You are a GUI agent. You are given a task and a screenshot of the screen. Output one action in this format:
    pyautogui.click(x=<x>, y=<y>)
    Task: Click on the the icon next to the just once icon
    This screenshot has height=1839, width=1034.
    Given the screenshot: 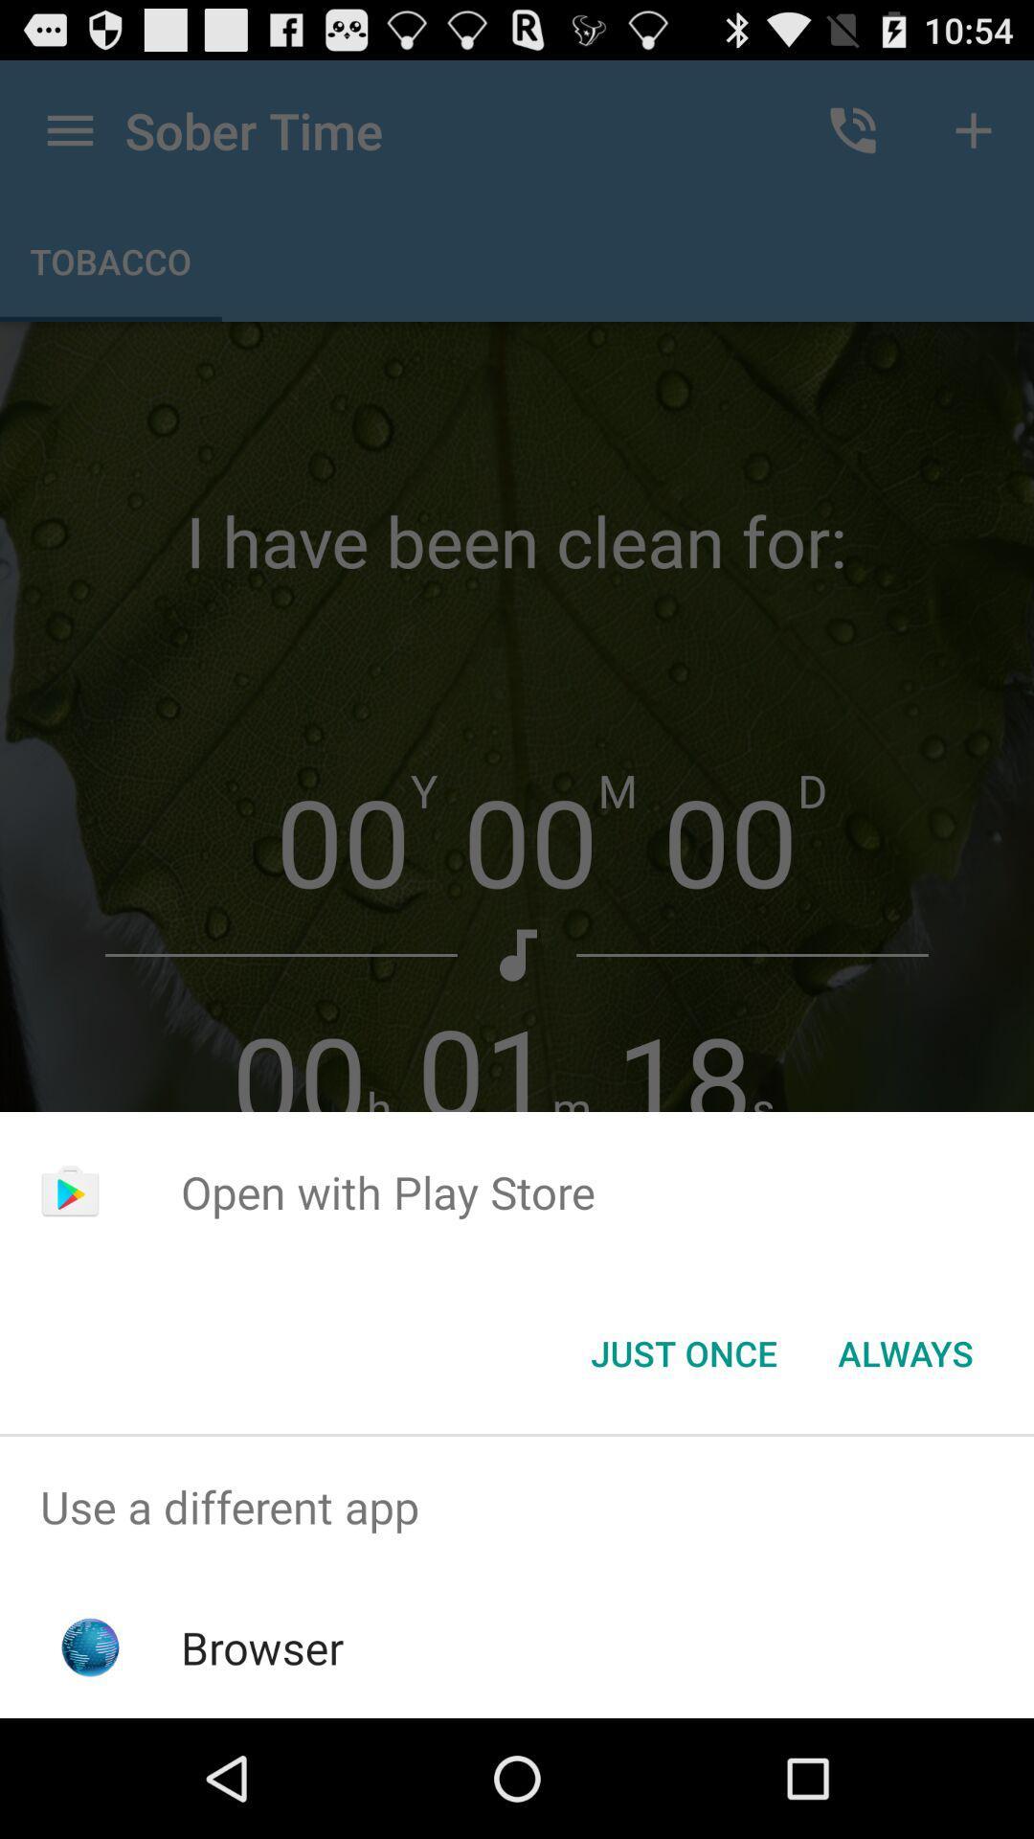 What is the action you would take?
    pyautogui.click(x=905, y=1351)
    